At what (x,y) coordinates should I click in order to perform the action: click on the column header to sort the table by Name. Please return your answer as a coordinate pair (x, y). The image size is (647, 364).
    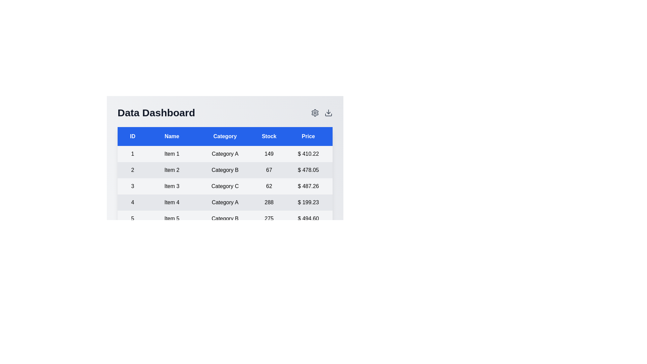
    Looking at the image, I should click on (172, 136).